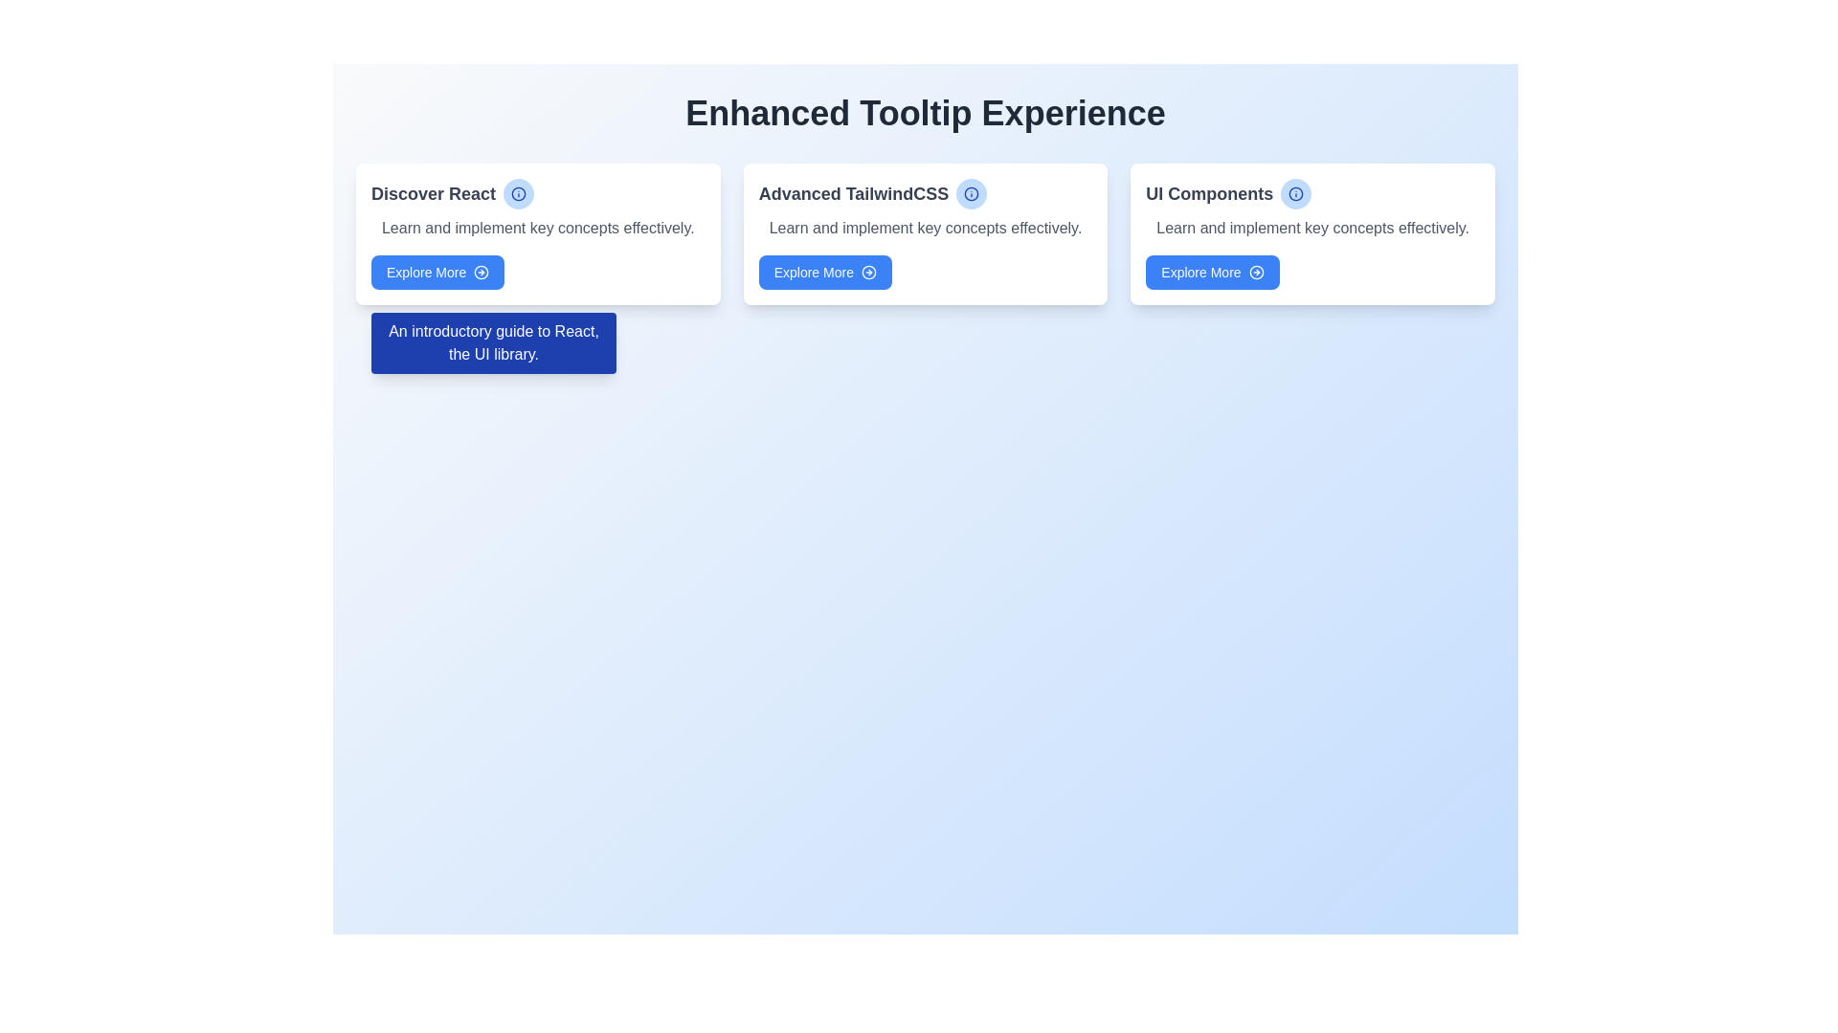 This screenshot has height=1033, width=1838. I want to click on the static text reading 'Learn and implement key concepts effectively' which is located within the card titled 'Discover React', so click(537, 228).